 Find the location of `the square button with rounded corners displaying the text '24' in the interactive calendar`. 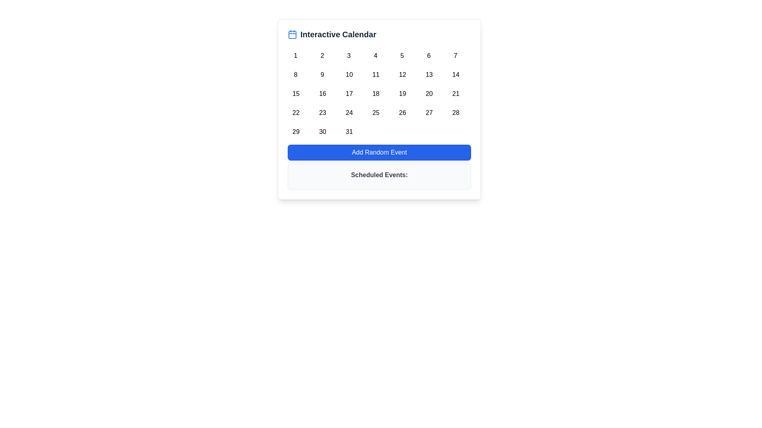

the square button with rounded corners displaying the text '24' in the interactive calendar is located at coordinates (349, 111).